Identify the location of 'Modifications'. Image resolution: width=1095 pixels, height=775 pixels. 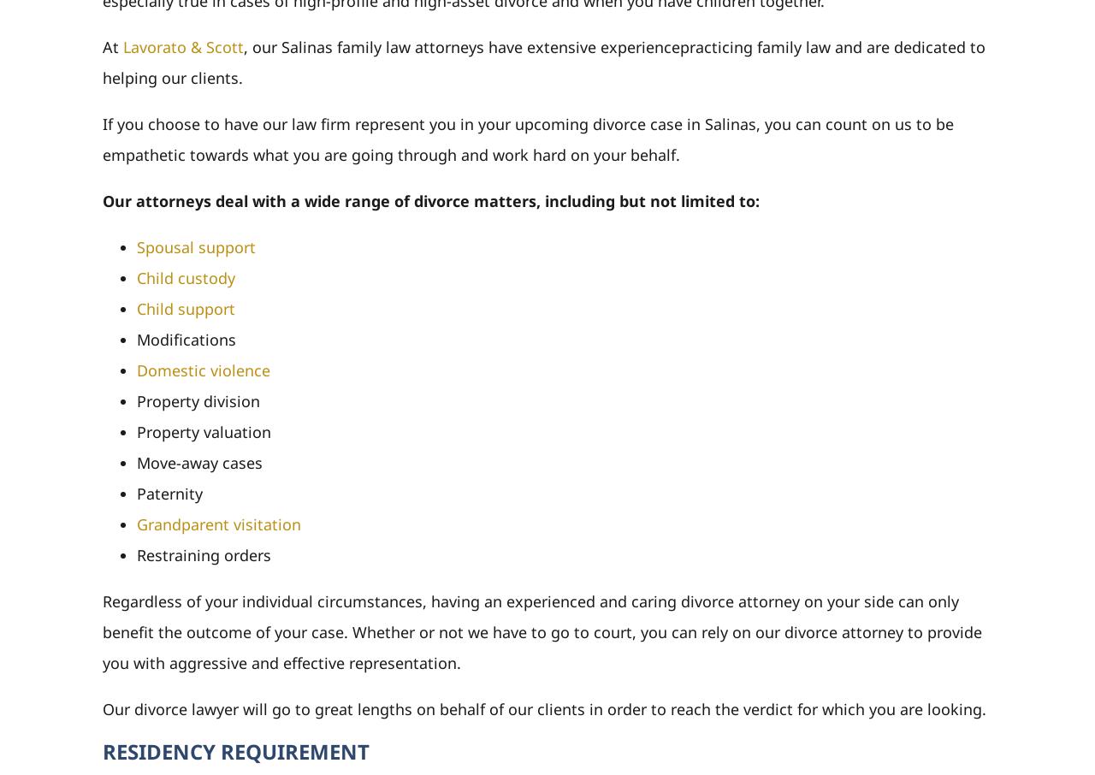
(186, 338).